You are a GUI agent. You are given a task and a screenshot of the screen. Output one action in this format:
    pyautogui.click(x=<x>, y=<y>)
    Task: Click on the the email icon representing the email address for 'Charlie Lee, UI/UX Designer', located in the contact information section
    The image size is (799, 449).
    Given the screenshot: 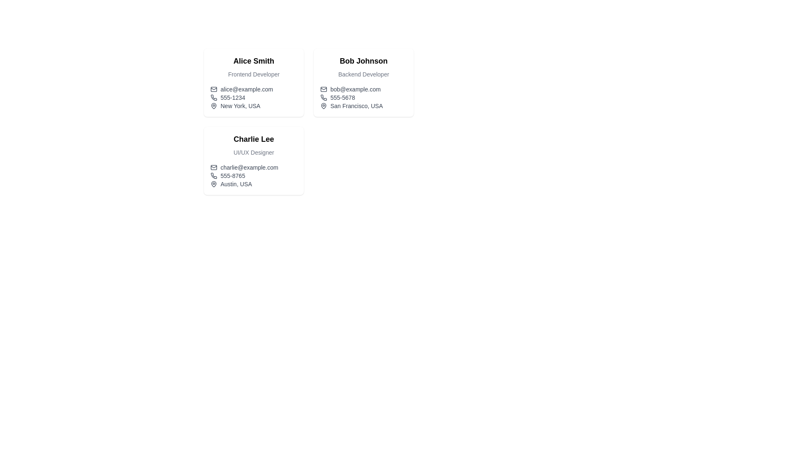 What is the action you would take?
    pyautogui.click(x=213, y=167)
    